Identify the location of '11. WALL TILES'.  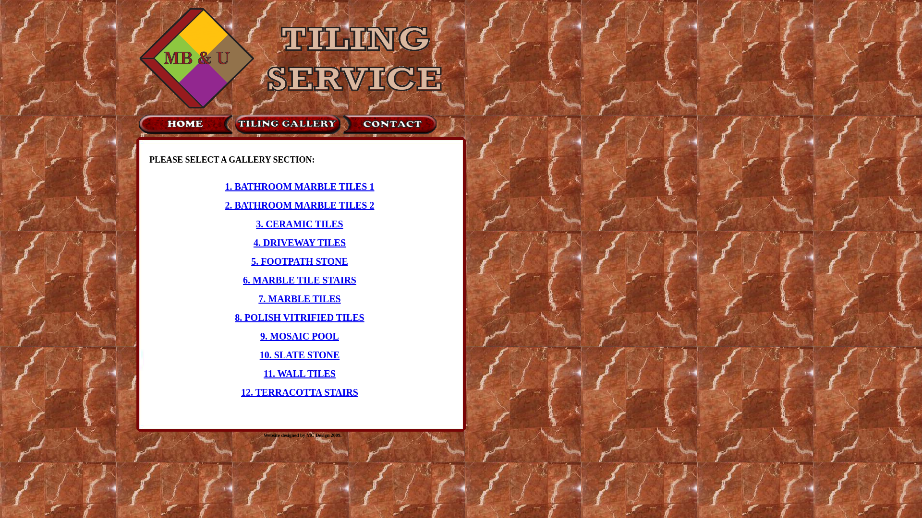
(299, 373).